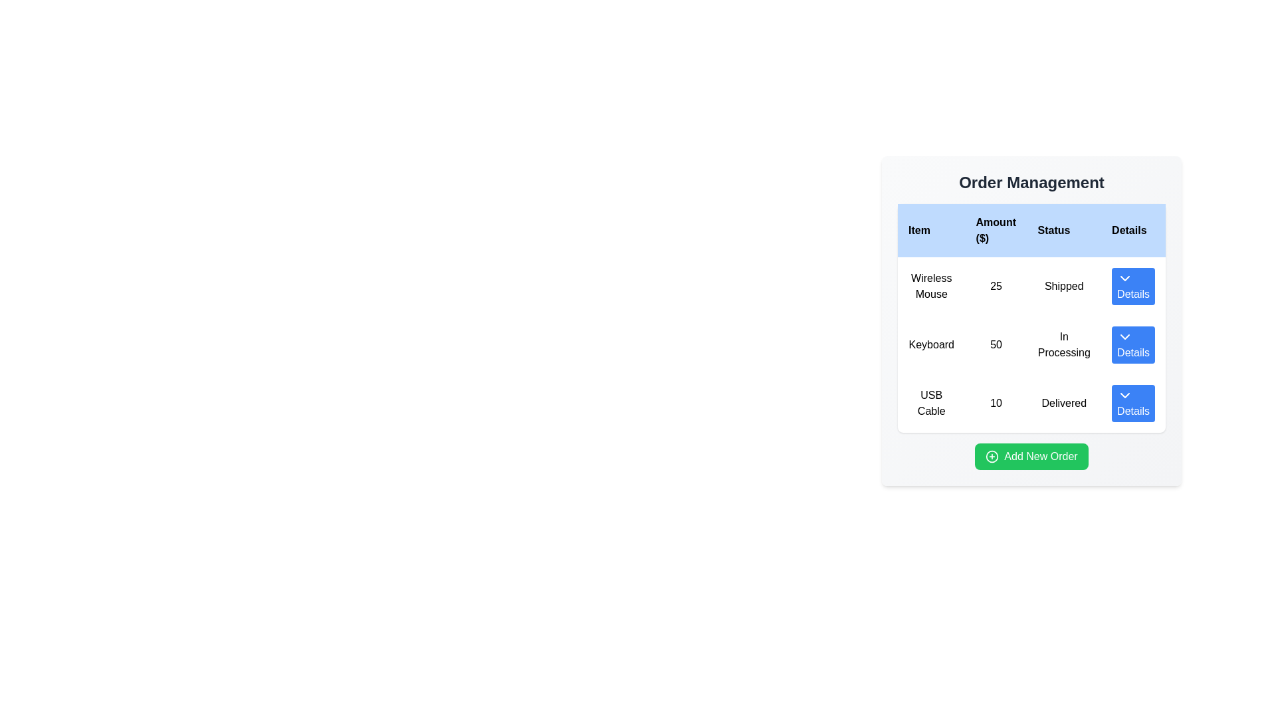  I want to click on text contents of the second row in the table under 'Order Management', which includes 'Keyboard', '50', and 'In Processing', so click(1031, 344).